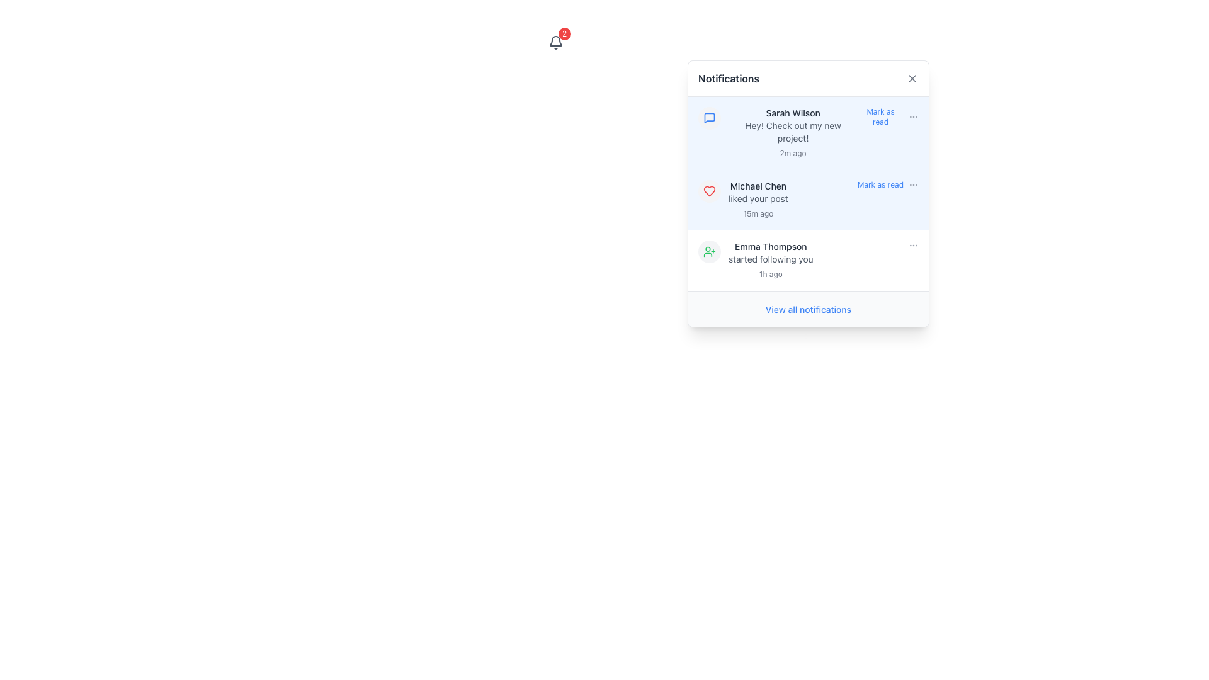 This screenshot has height=680, width=1209. Describe the element at coordinates (770, 247) in the screenshot. I see `the text block displaying 'Emma Thompson' in the notifications dropdown, which is positioned above the 'View all notifications' link and below the 'Michael Chen liked your post' entry` at that location.